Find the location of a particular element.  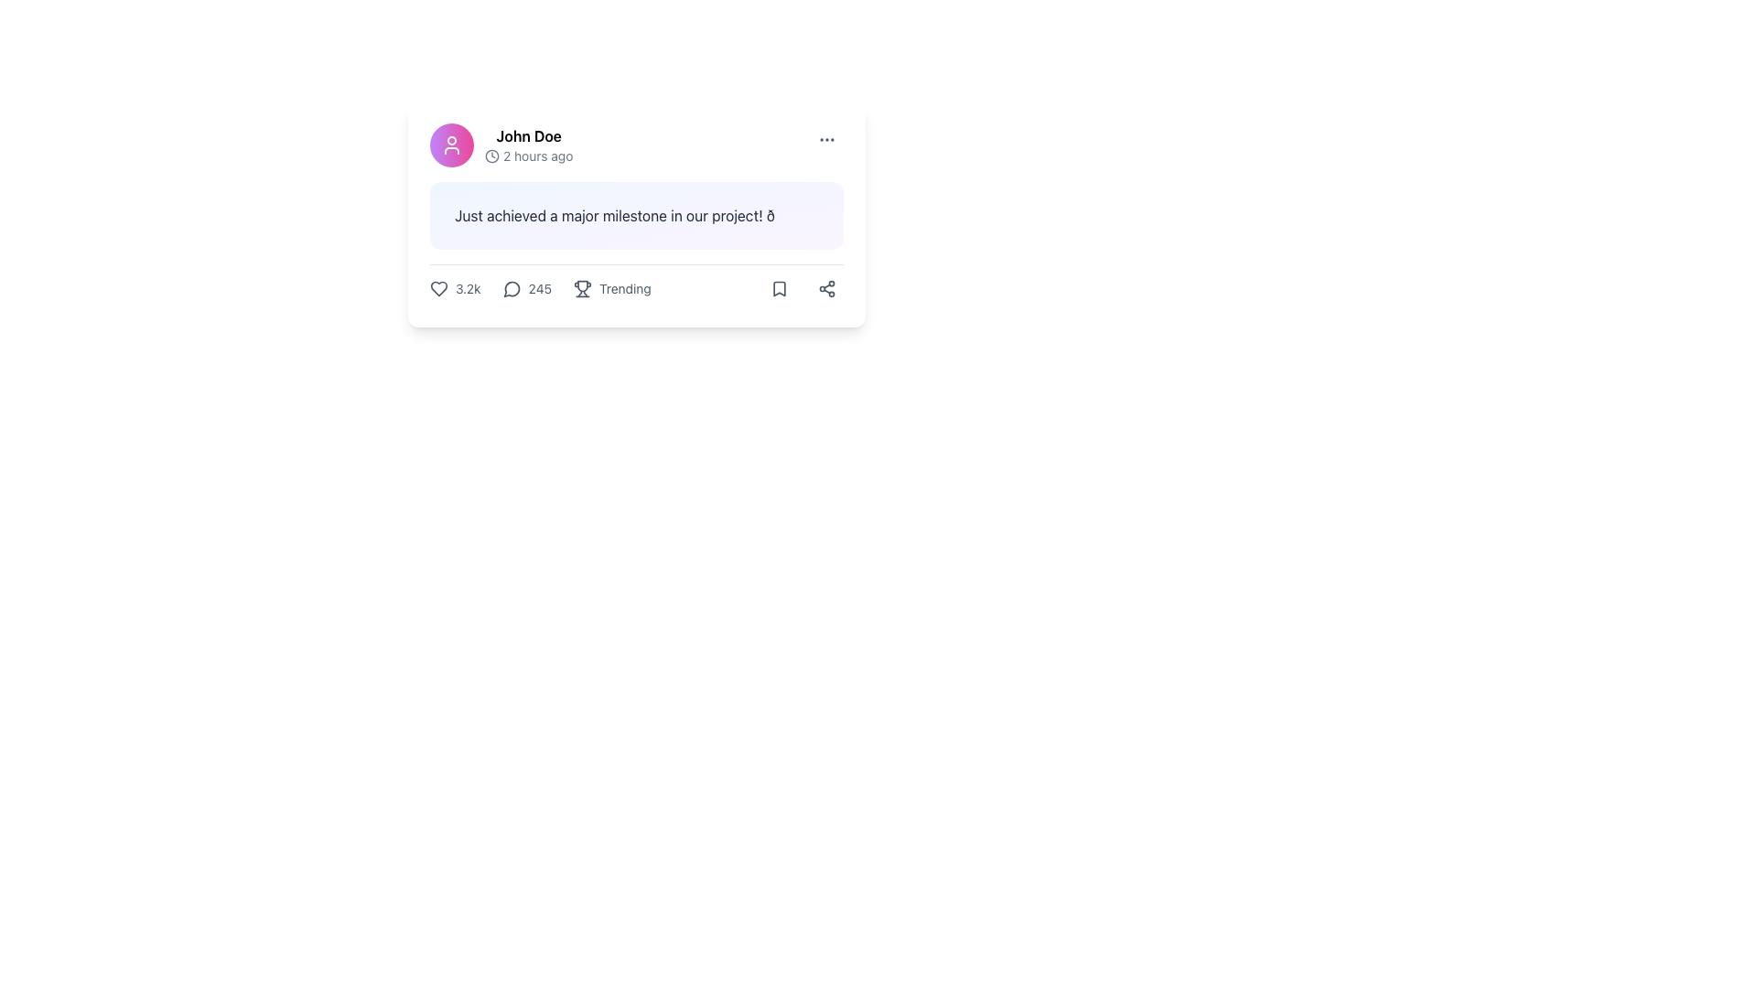

the bold name 'John Doe' in the top left section of the user post card is located at coordinates (528, 144).